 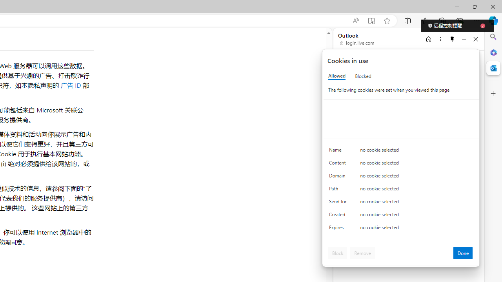 I want to click on 'Allowed', so click(x=337, y=76).